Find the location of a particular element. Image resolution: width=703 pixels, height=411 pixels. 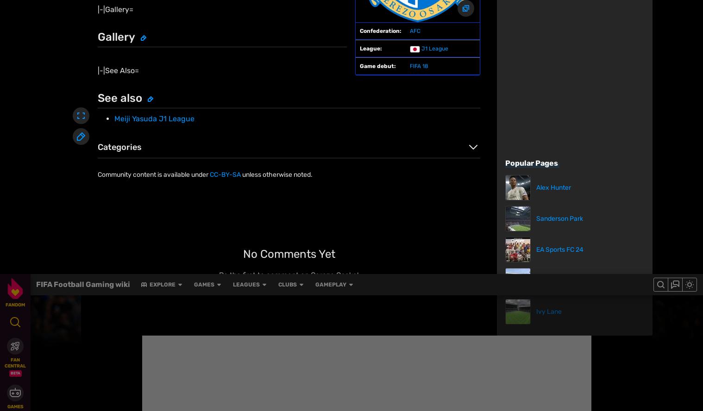

'Explore properties' is located at coordinates (169, 382).